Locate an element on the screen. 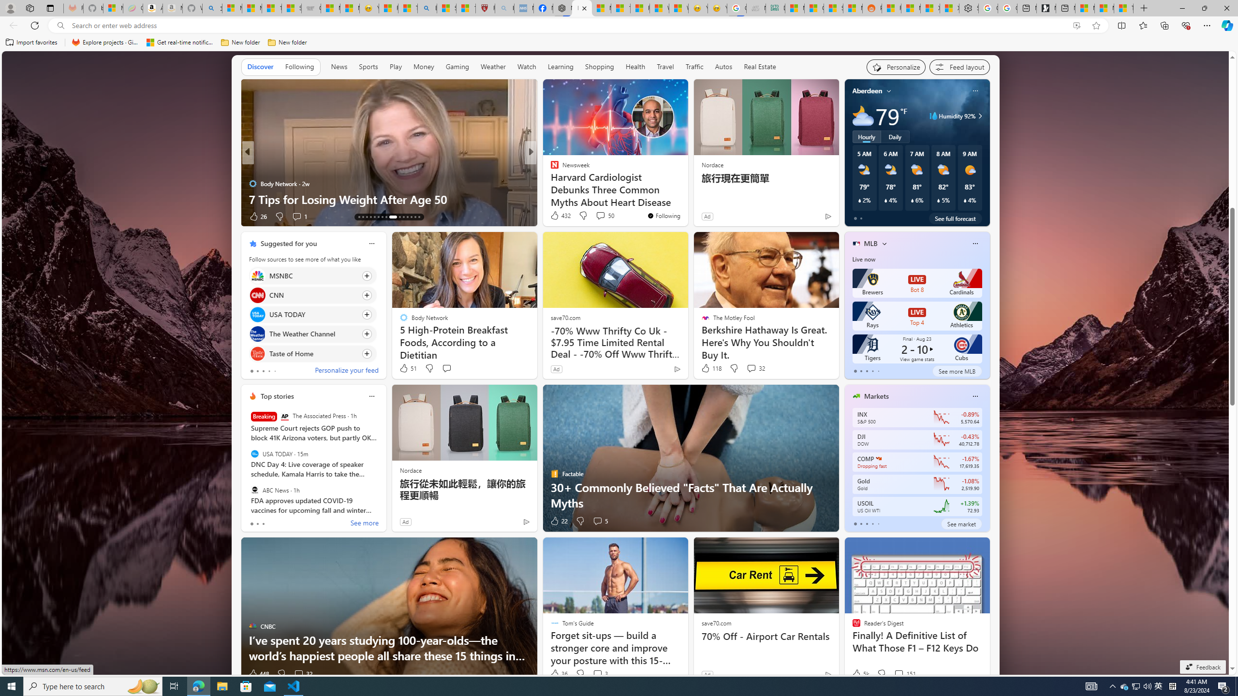 This screenshot has width=1238, height=696. 'INSIDER' is located at coordinates (550, 167).